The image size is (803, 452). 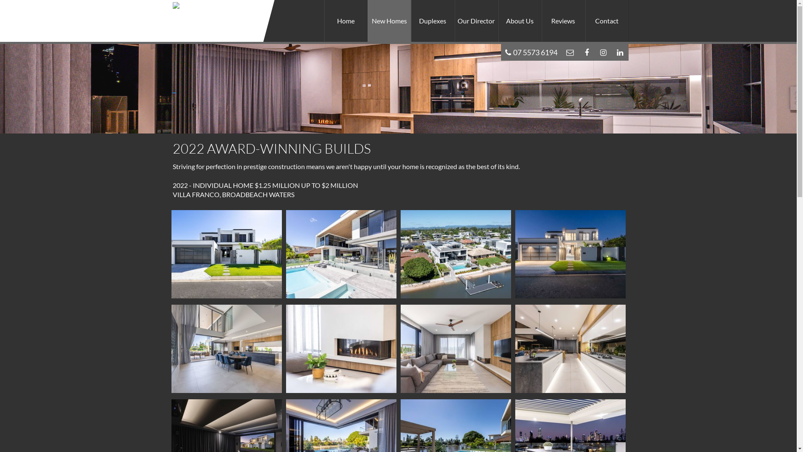 I want to click on 'Home', so click(x=345, y=21).